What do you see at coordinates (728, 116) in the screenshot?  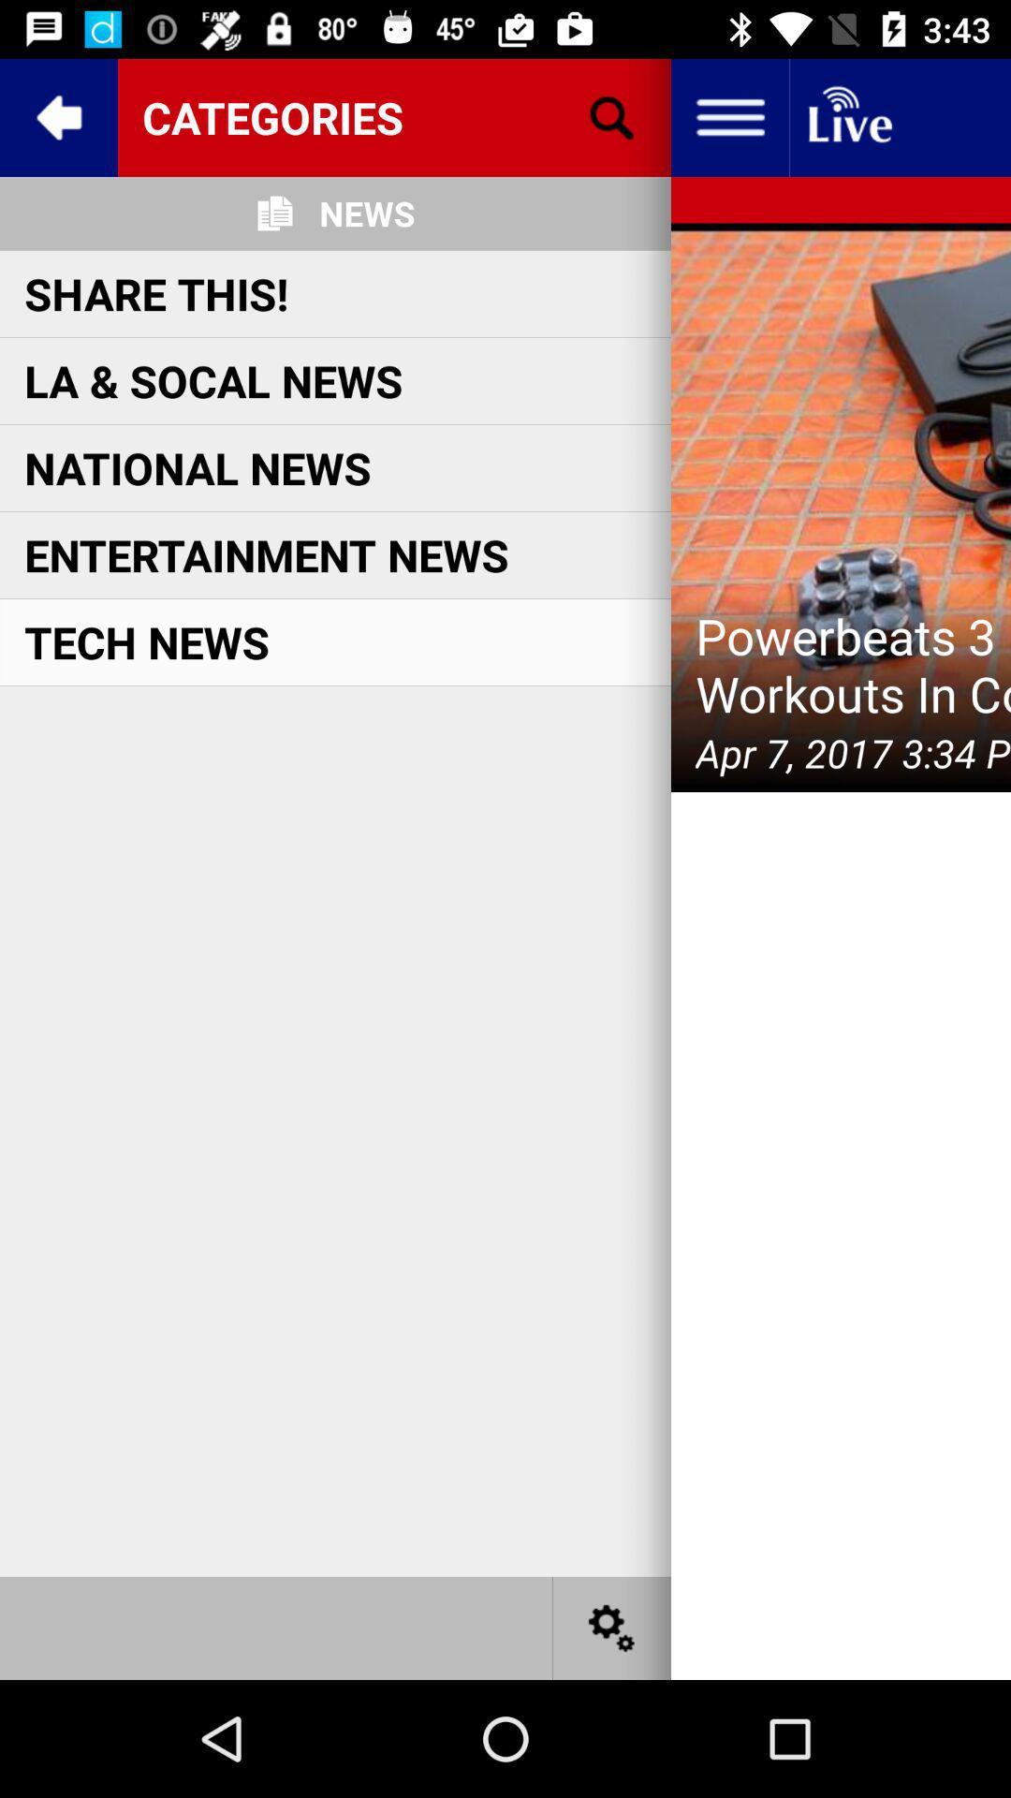 I see `main menu` at bounding box center [728, 116].